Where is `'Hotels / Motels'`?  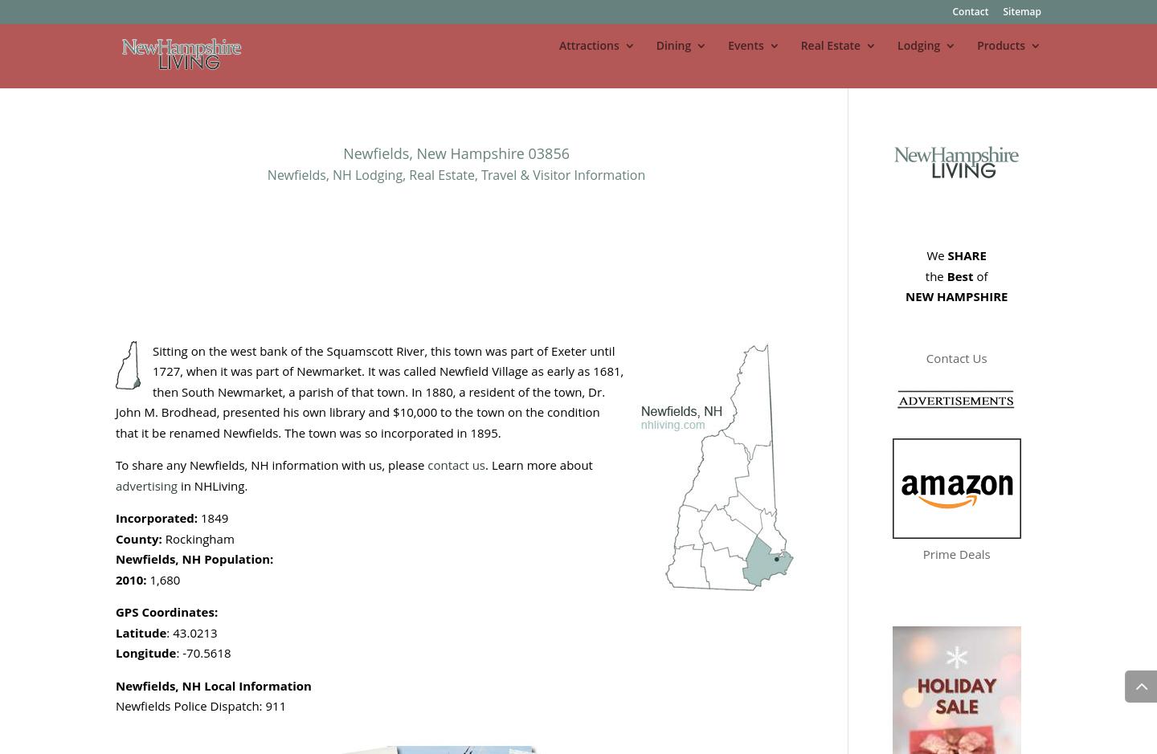
'Hotels / Motels' is located at coordinates (969, 177).